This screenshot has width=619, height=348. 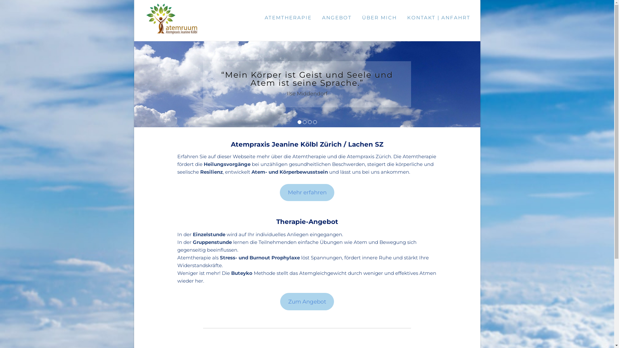 What do you see at coordinates (287, 18) in the screenshot?
I see `'ATEMTHERAPIE'` at bounding box center [287, 18].